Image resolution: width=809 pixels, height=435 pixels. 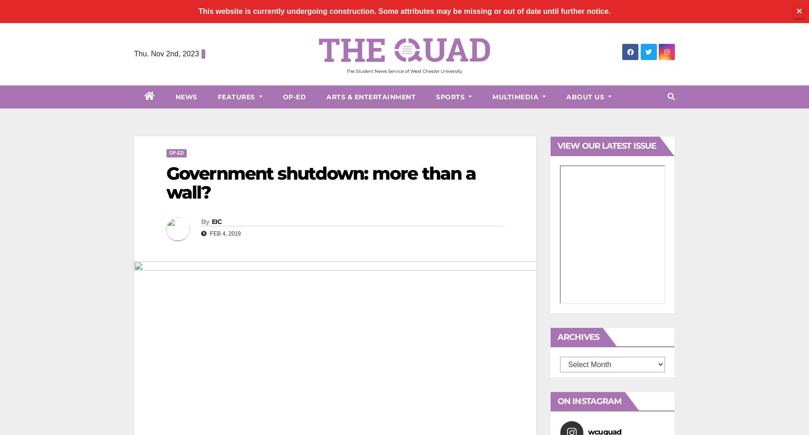 What do you see at coordinates (205, 221) in the screenshot?
I see `'By'` at bounding box center [205, 221].